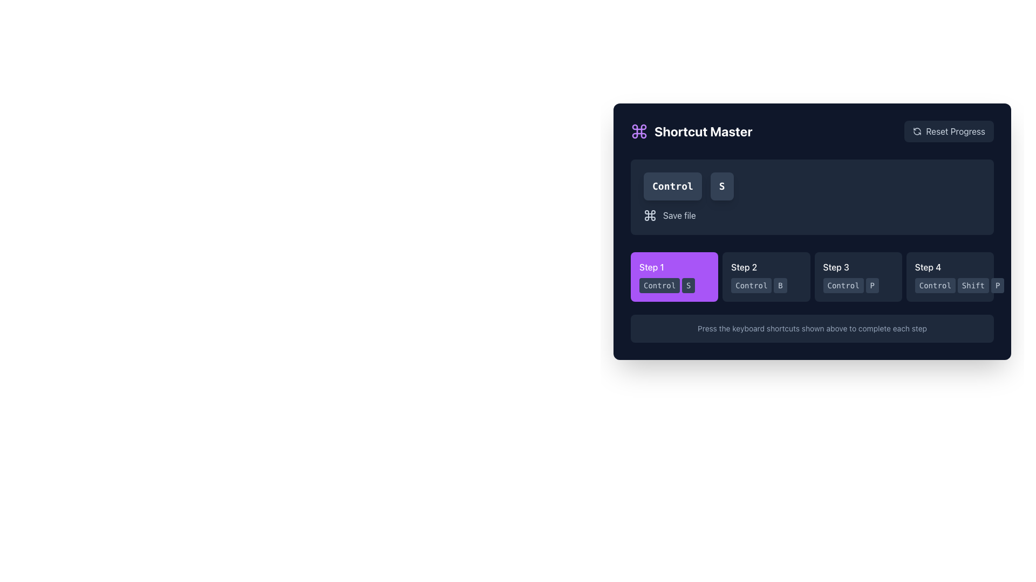 This screenshot has width=1036, height=582. I want to click on the buttons associated with Step 4 in the step guide, which is located at the bottom-right corner of the grid layout, so click(950, 276).